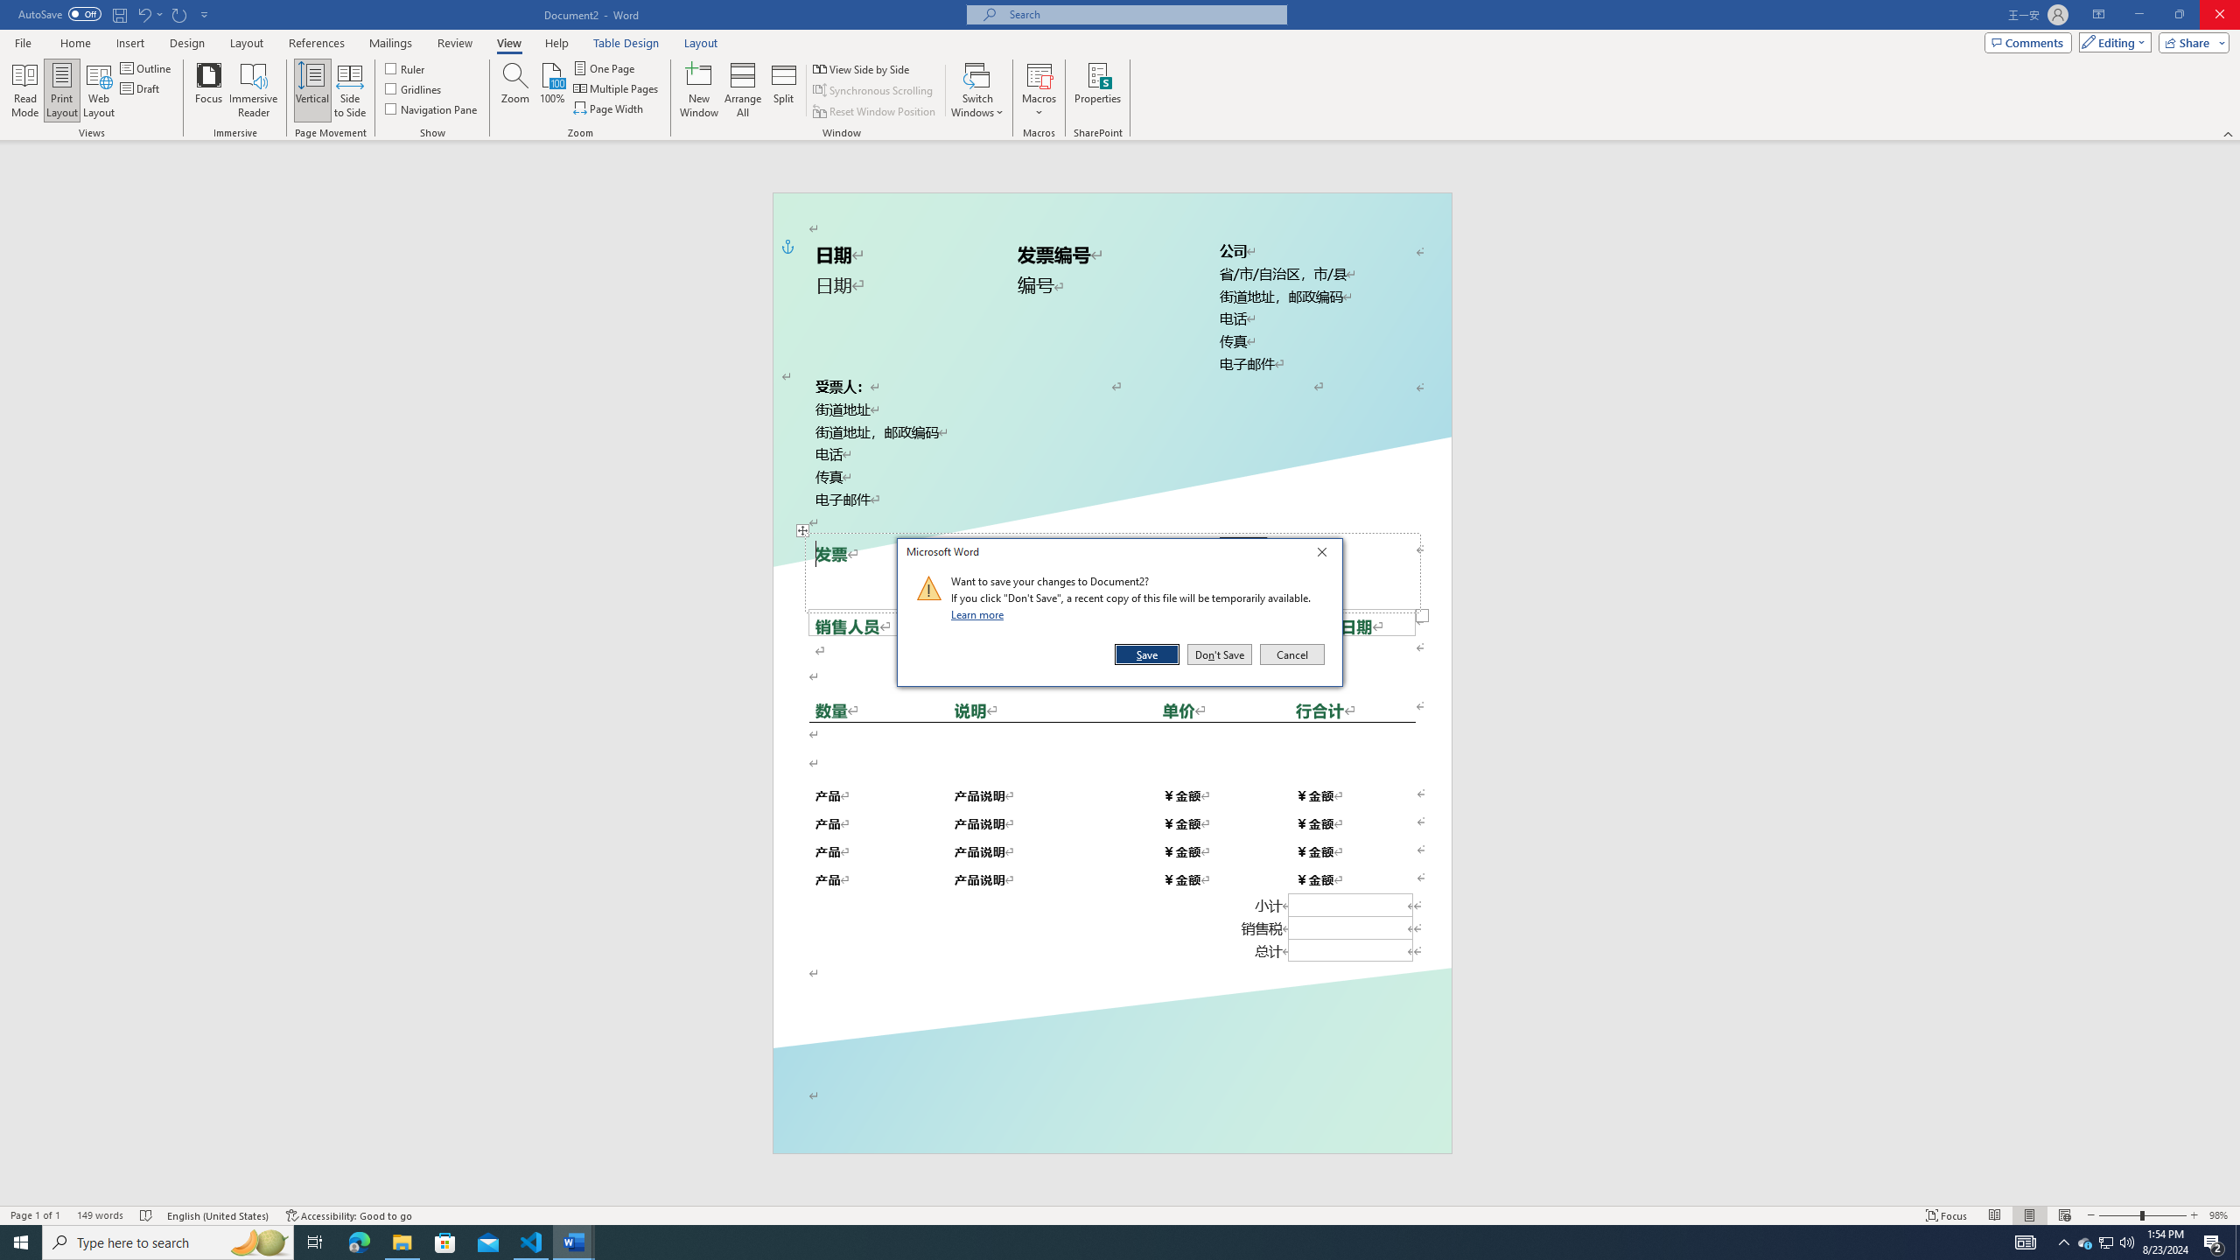  Describe the element at coordinates (1038, 73) in the screenshot. I see `'View Macros'` at that location.